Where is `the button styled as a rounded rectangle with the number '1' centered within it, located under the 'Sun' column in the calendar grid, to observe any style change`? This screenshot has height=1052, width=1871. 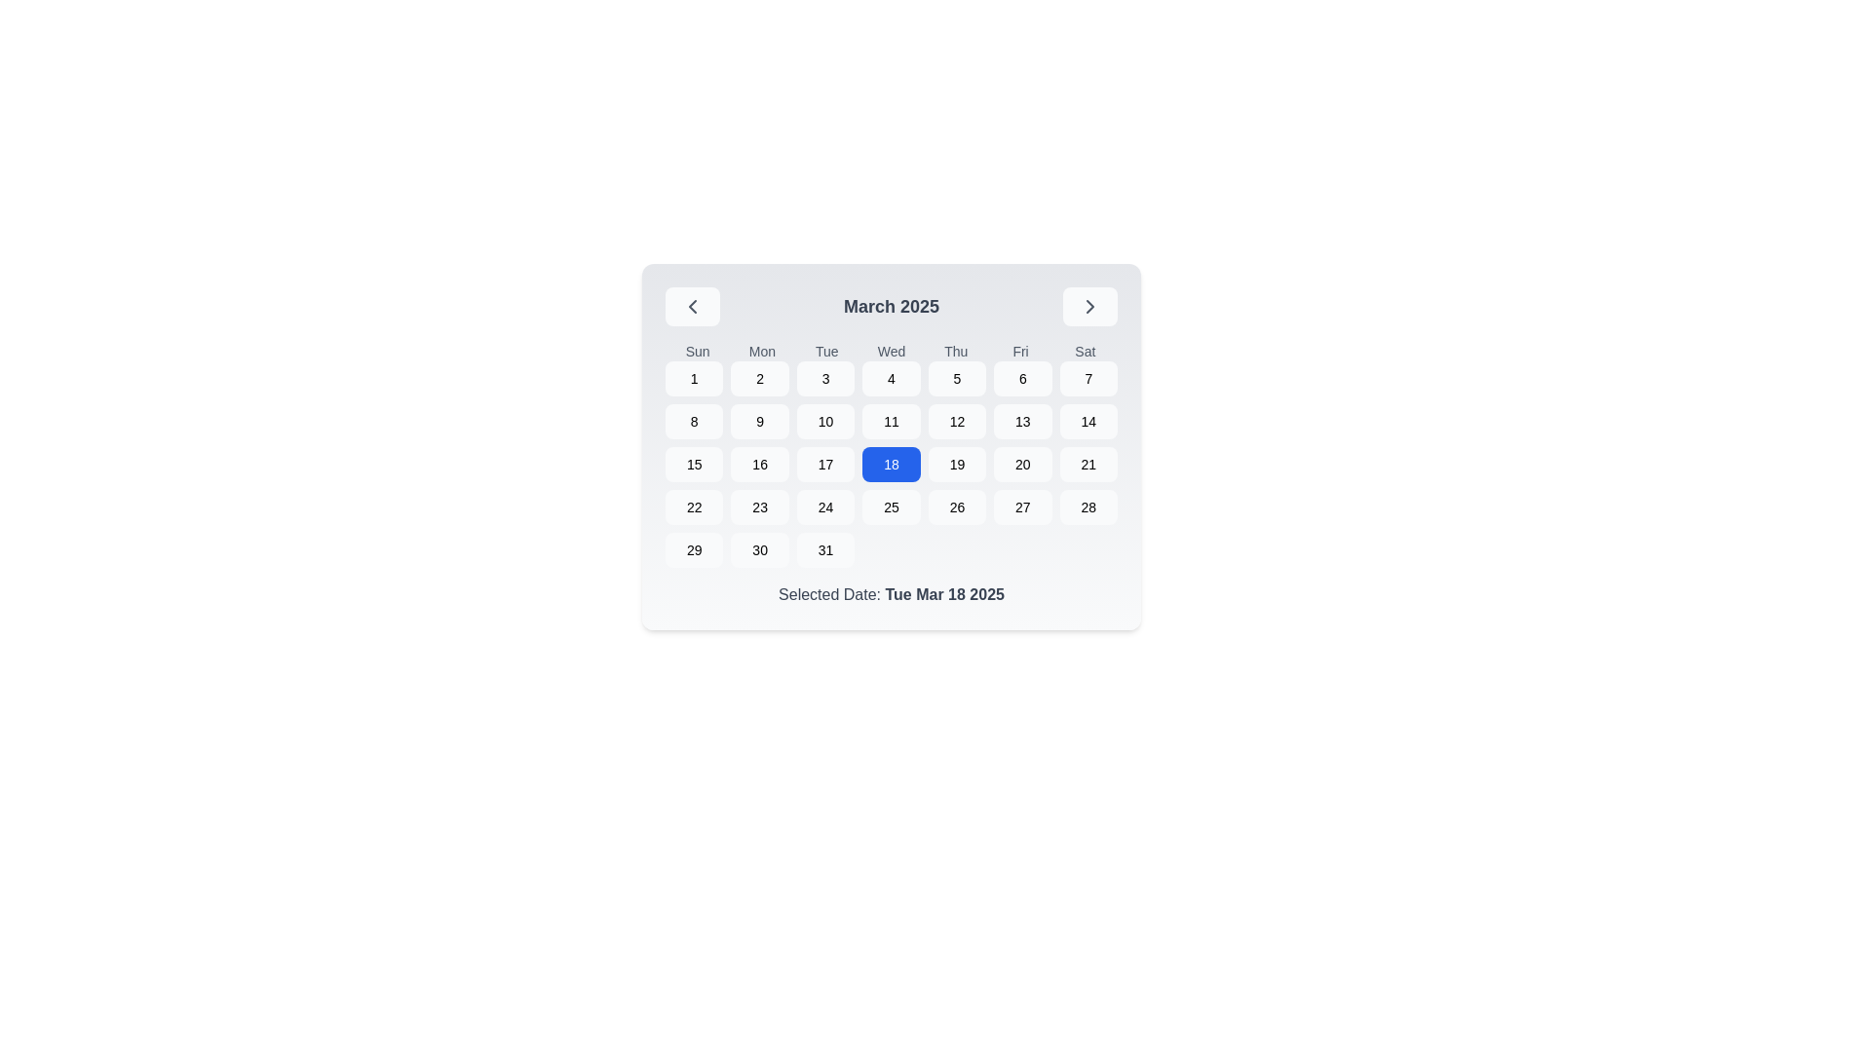 the button styled as a rounded rectangle with the number '1' centered within it, located under the 'Sun' column in the calendar grid, to observe any style change is located at coordinates (694, 379).